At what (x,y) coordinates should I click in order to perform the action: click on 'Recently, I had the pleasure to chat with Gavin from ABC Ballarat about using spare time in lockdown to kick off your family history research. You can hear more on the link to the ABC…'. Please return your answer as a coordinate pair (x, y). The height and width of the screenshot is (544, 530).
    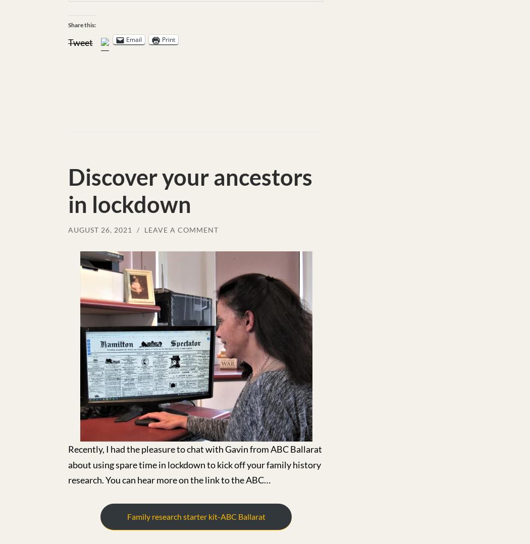
    Looking at the image, I should click on (68, 464).